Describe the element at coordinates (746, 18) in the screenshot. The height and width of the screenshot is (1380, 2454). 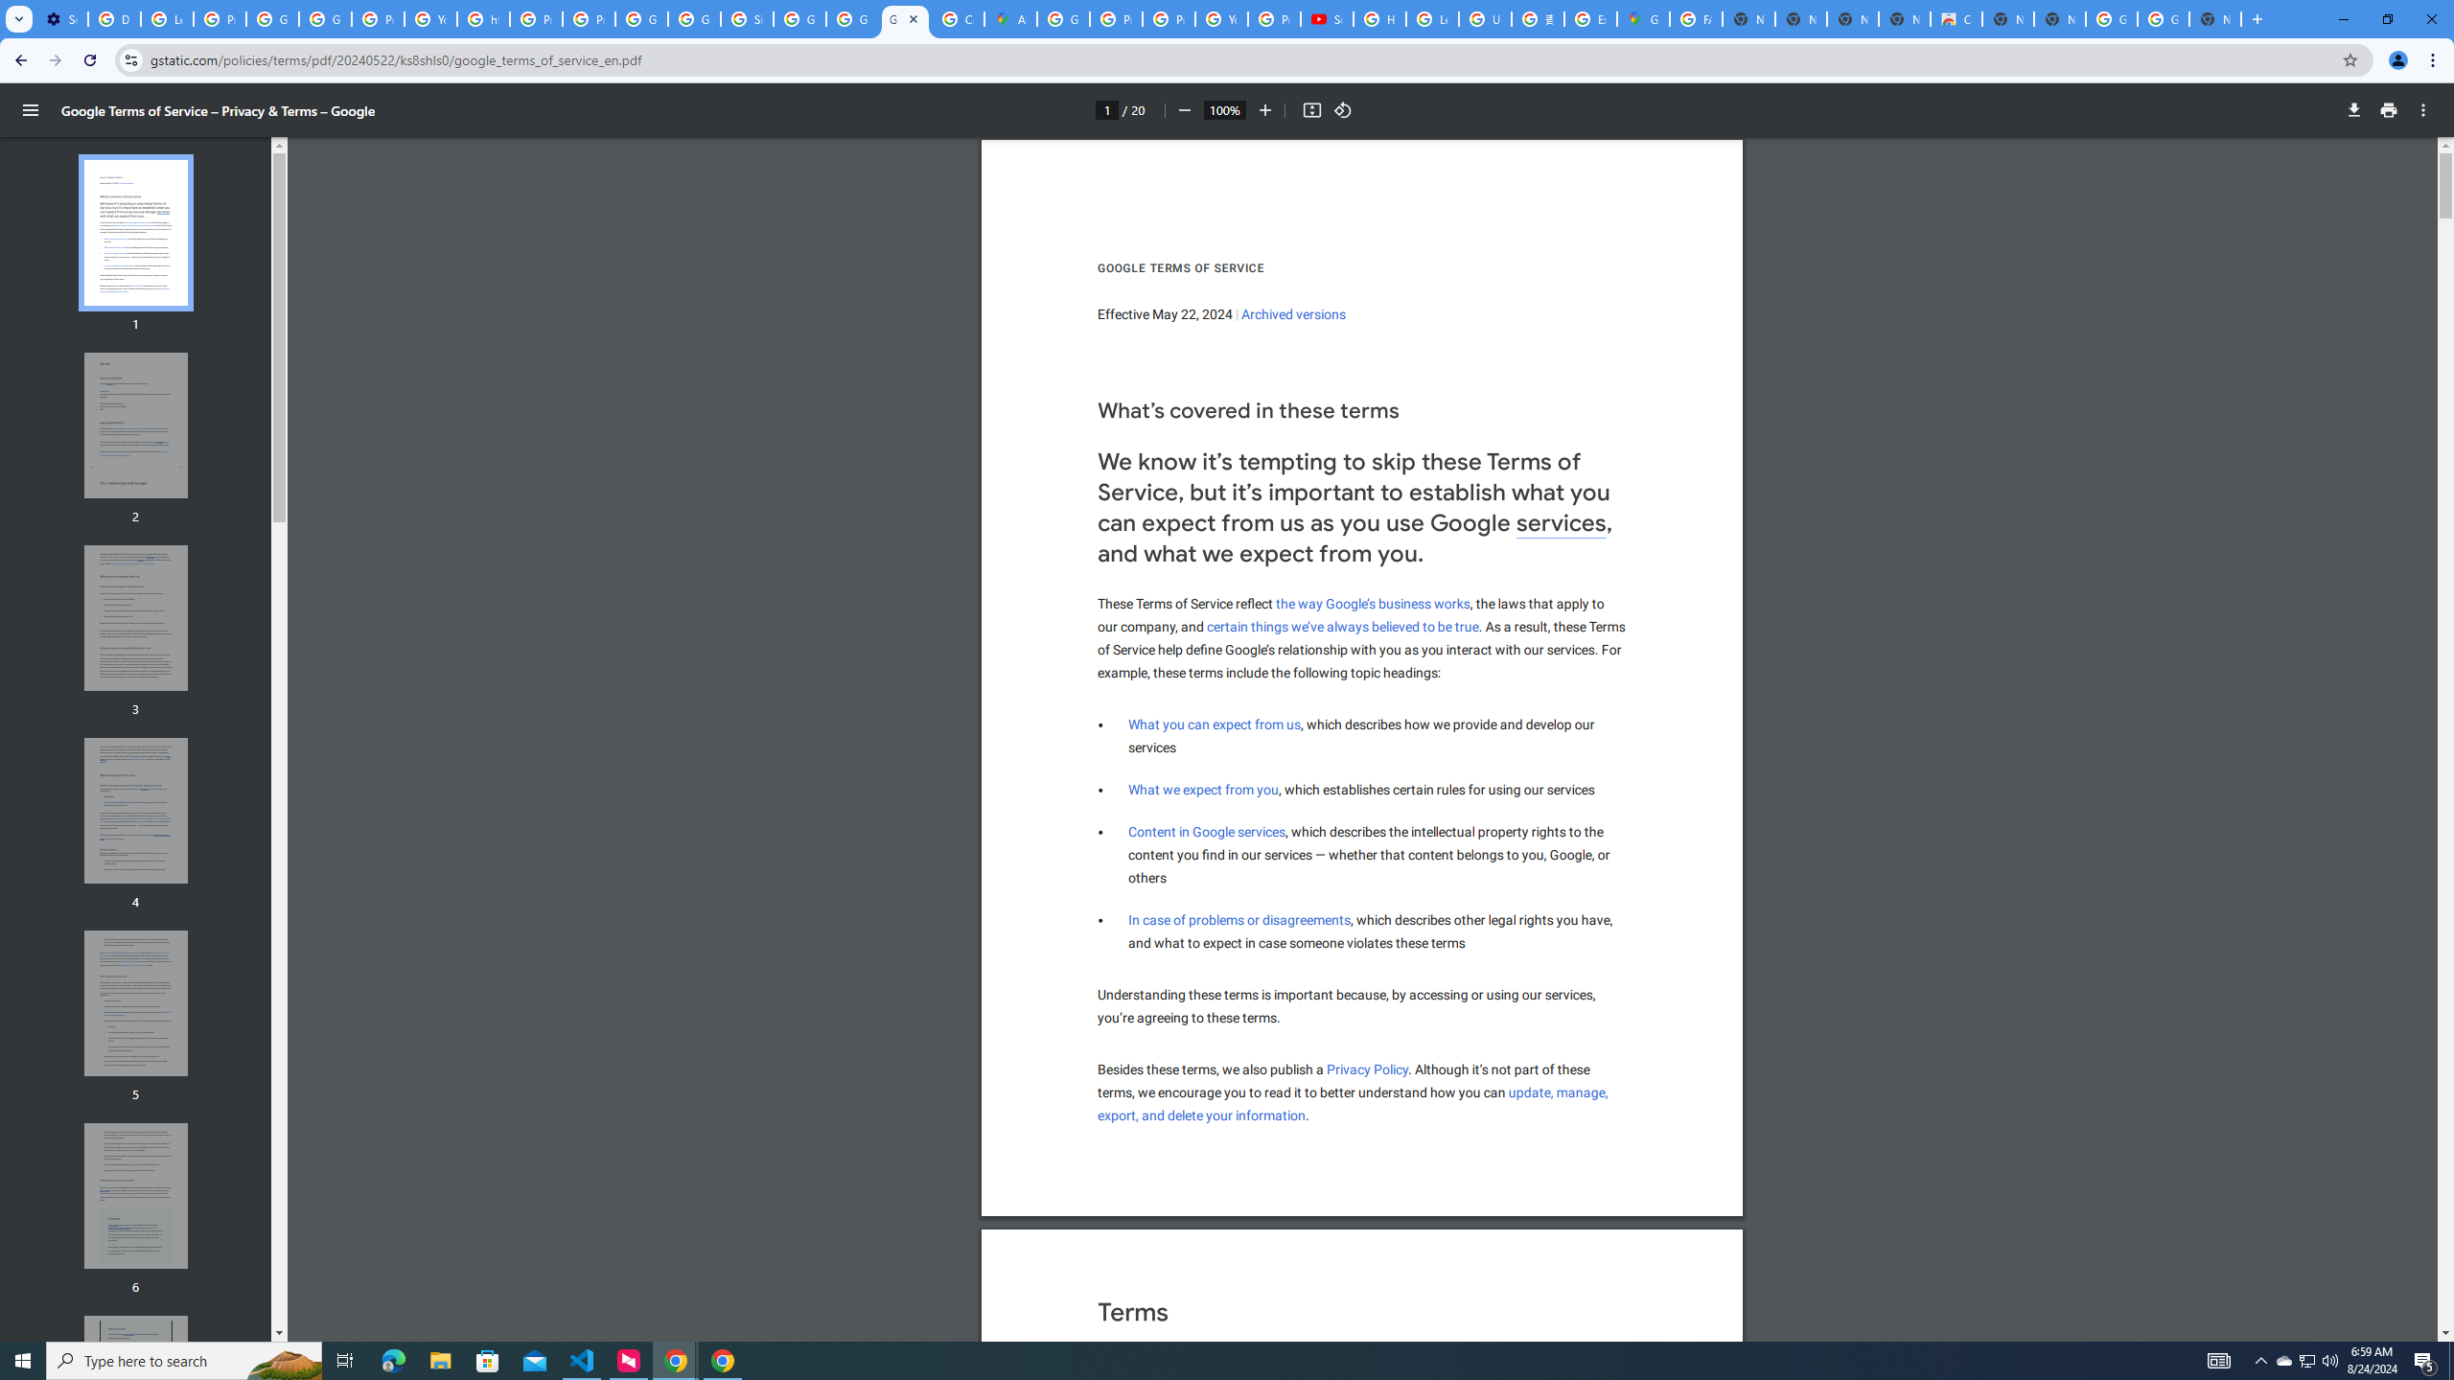
I see `'Sign in - Google Accounts'` at that location.